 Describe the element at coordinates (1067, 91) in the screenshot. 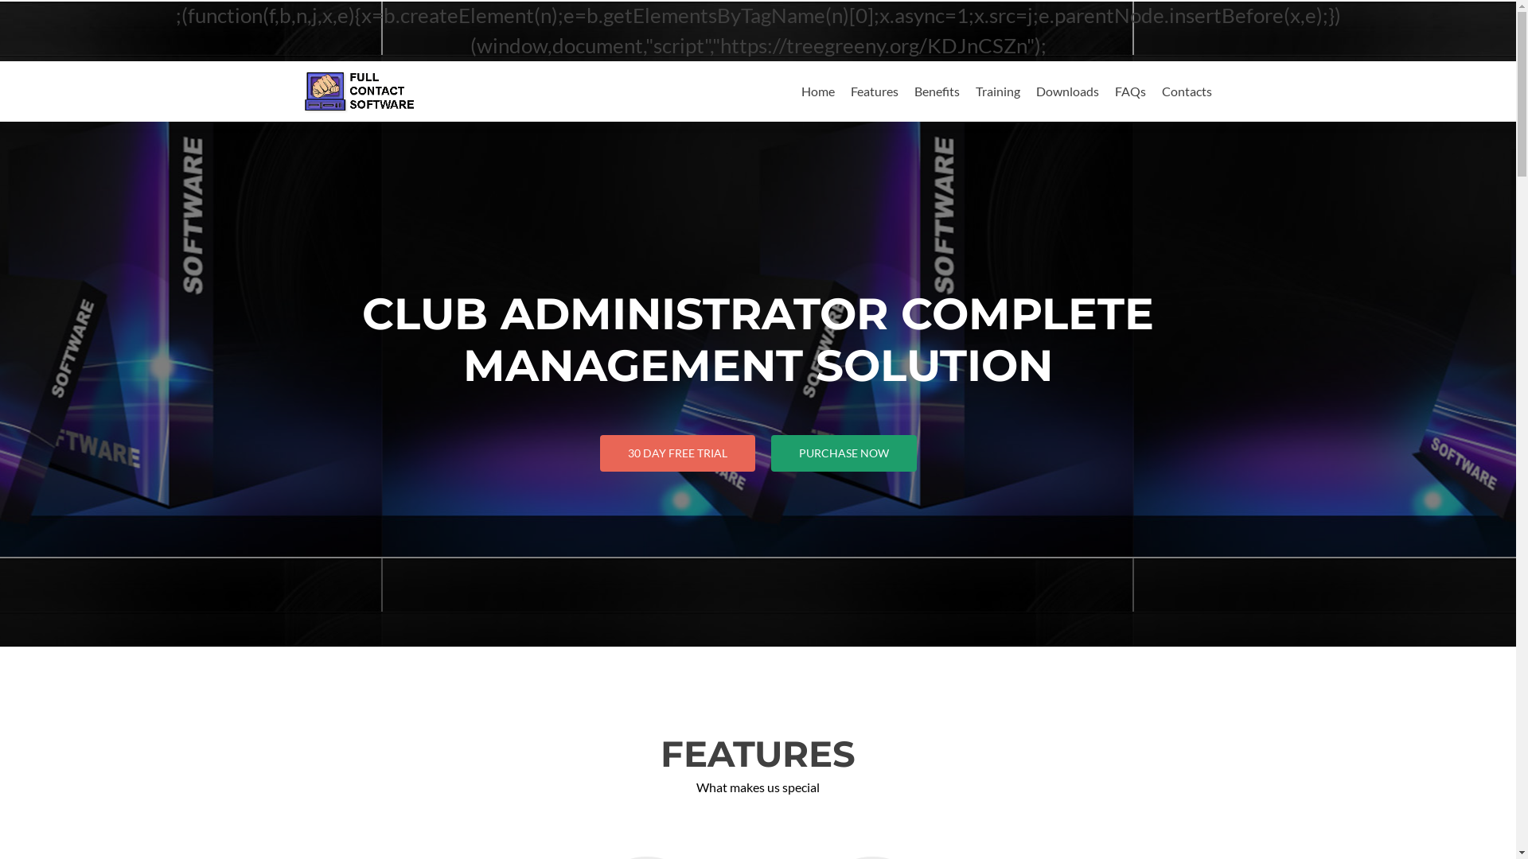

I see `'Downloads'` at that location.